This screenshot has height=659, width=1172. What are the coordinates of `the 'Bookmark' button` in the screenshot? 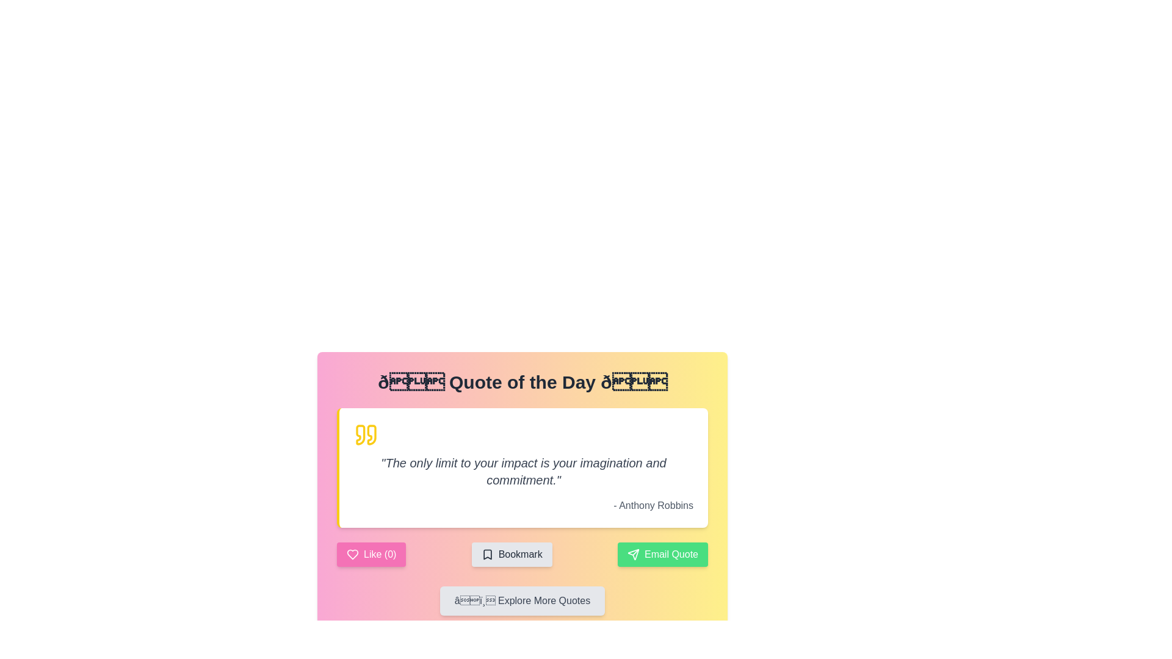 It's located at (512, 555).